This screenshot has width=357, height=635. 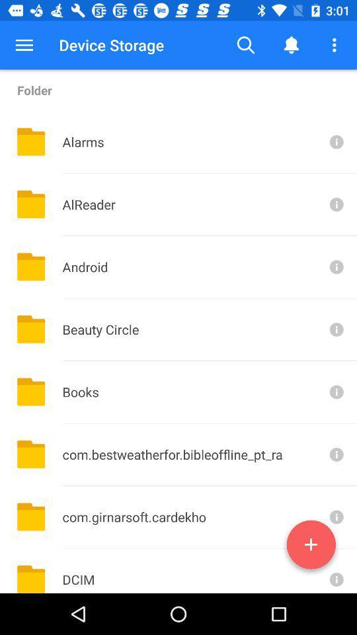 What do you see at coordinates (335, 266) in the screenshot?
I see `for more info` at bounding box center [335, 266].